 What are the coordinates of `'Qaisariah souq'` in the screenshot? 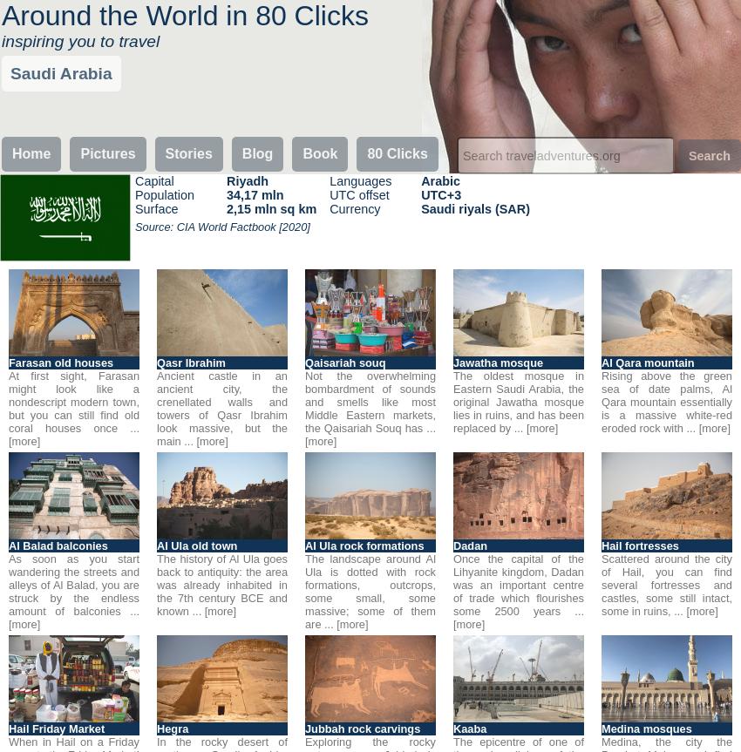 It's located at (304, 362).